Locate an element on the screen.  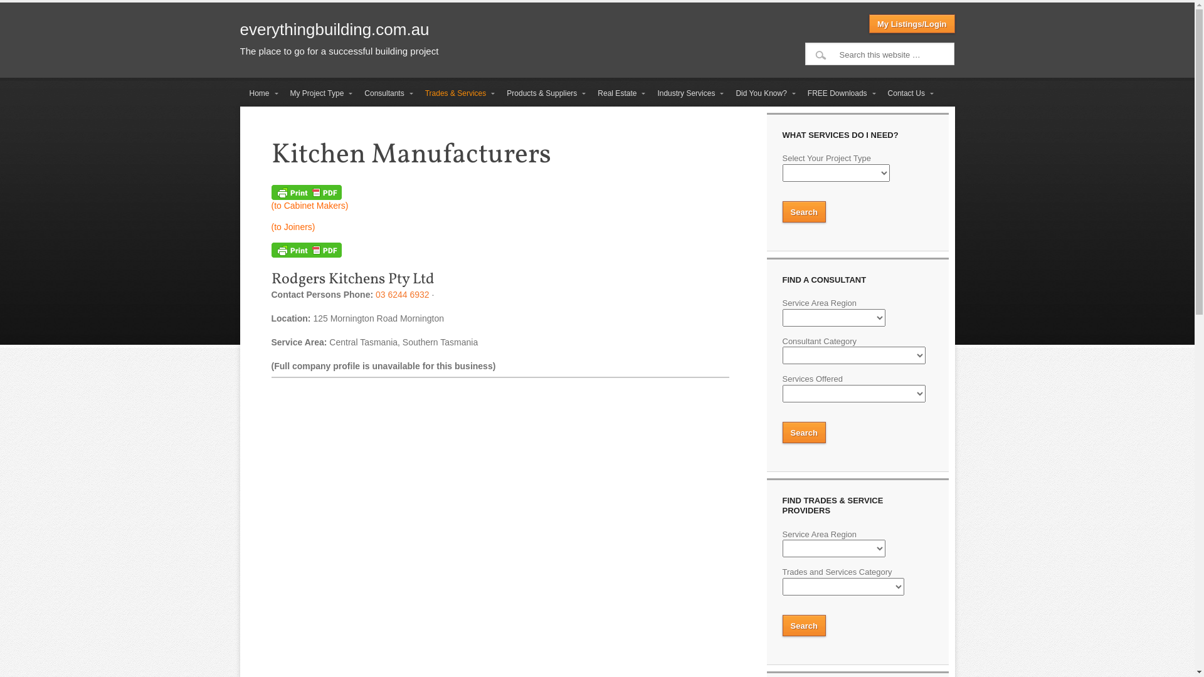
'My Listings/Login' is located at coordinates (912, 24).